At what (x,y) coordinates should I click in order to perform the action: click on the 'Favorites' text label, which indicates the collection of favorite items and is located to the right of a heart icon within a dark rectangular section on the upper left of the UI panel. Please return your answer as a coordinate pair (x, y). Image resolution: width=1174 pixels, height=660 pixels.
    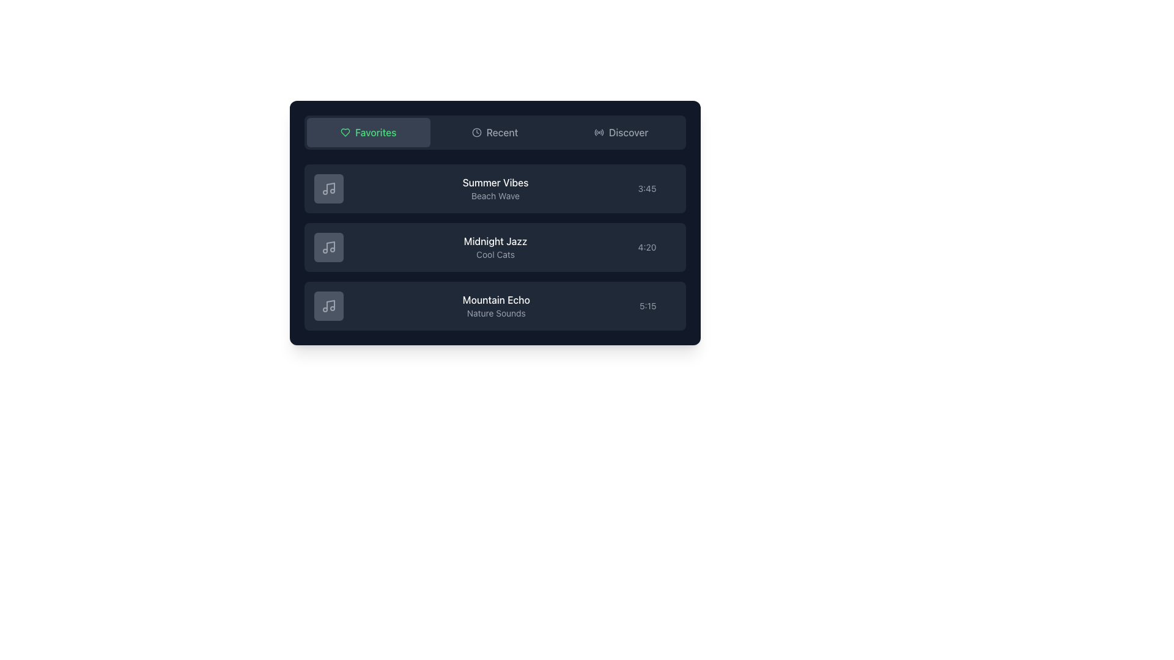
    Looking at the image, I should click on (375, 132).